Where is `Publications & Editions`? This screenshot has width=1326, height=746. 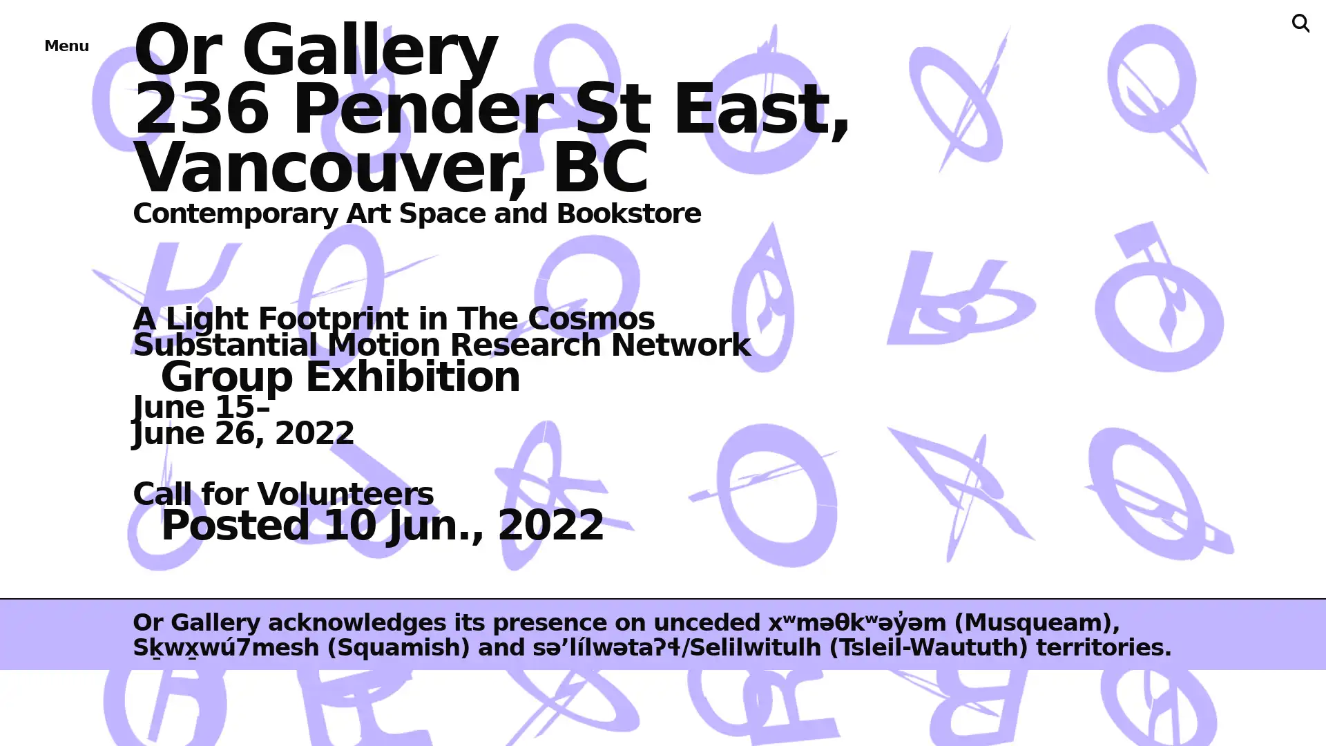
Publications & Editions is located at coordinates (300, 304).